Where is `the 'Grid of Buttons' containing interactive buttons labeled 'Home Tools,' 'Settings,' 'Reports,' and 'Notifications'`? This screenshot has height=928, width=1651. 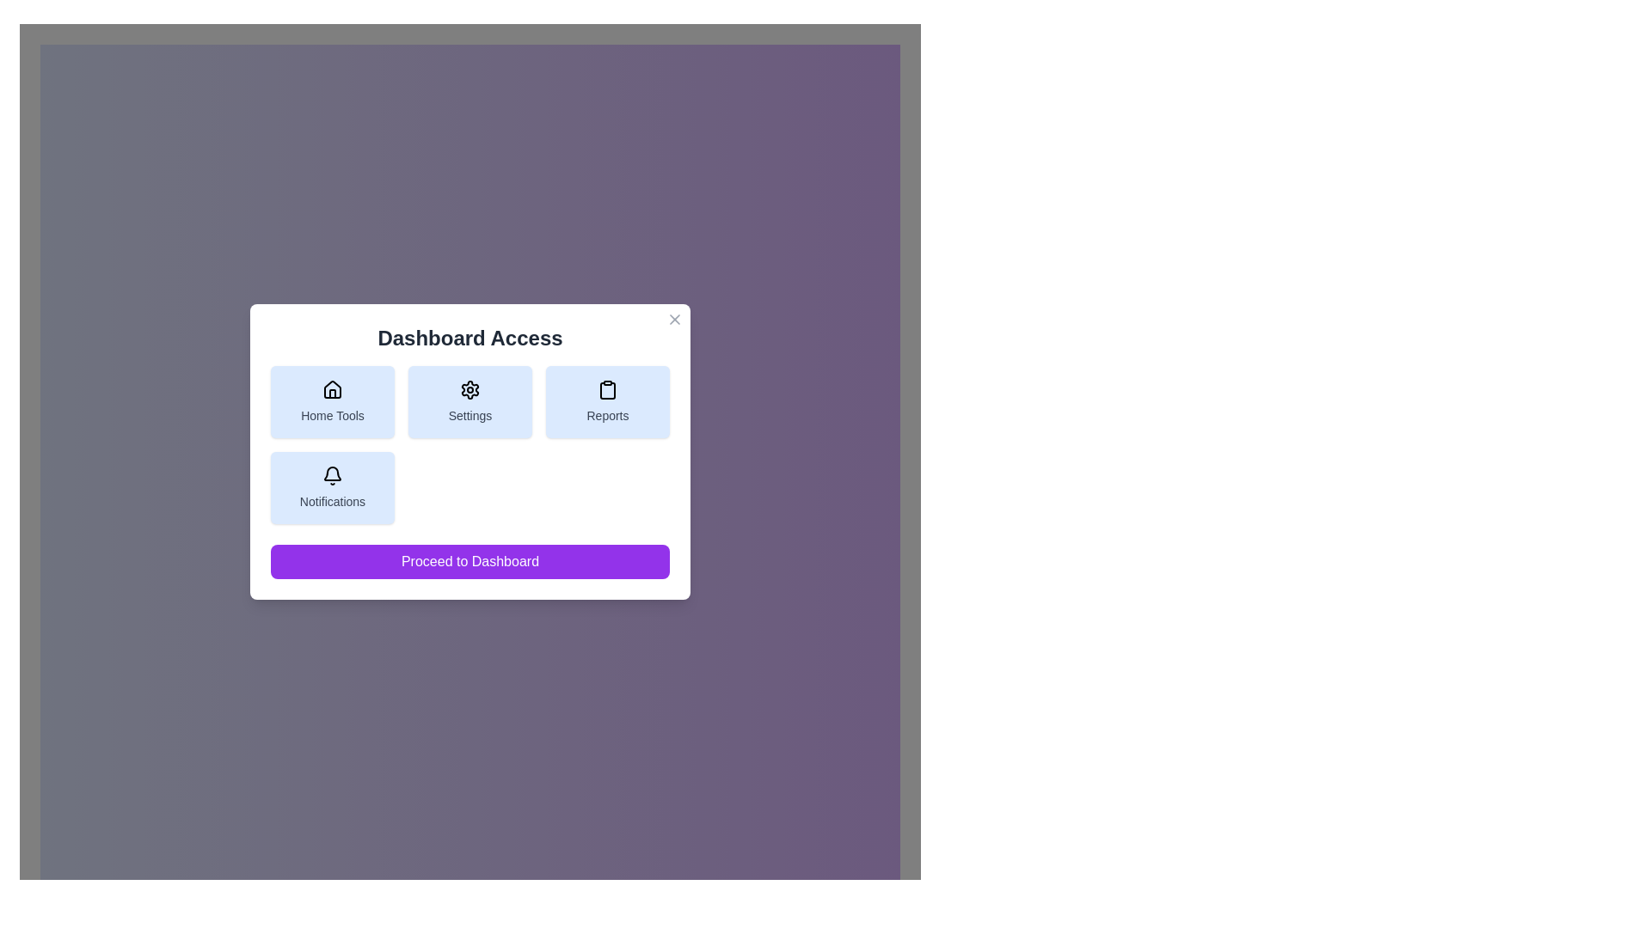
the 'Grid of Buttons' containing interactive buttons labeled 'Home Tools,' 'Settings,' 'Reports,' and 'Notifications' is located at coordinates (470, 443).